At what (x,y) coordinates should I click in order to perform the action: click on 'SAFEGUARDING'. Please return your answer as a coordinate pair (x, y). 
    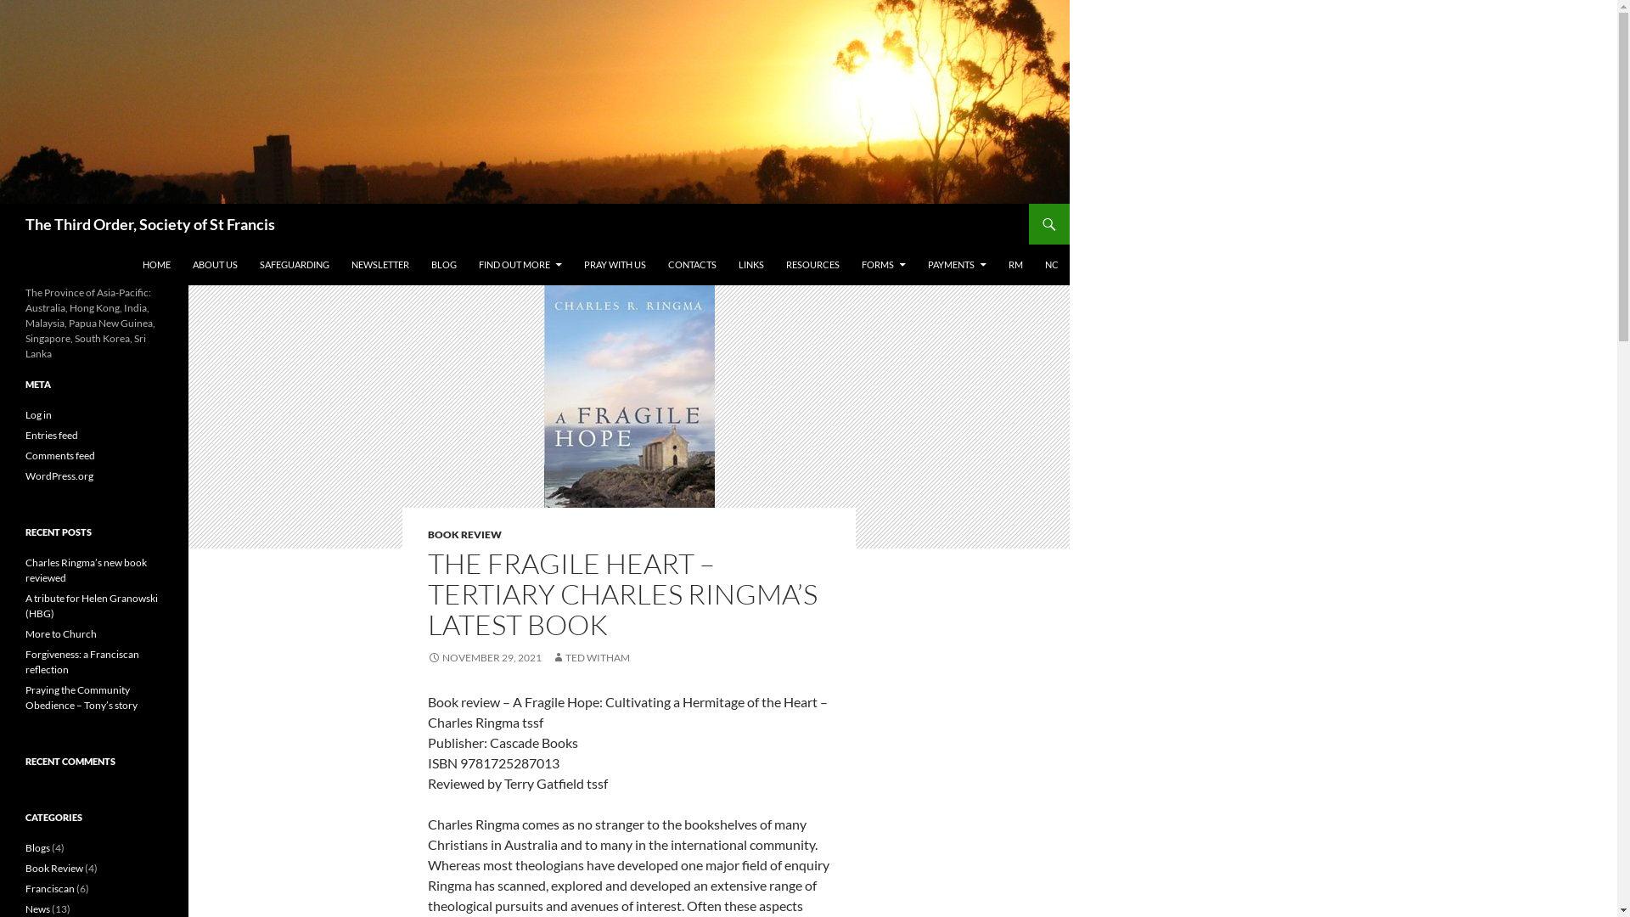
    Looking at the image, I should click on (294, 265).